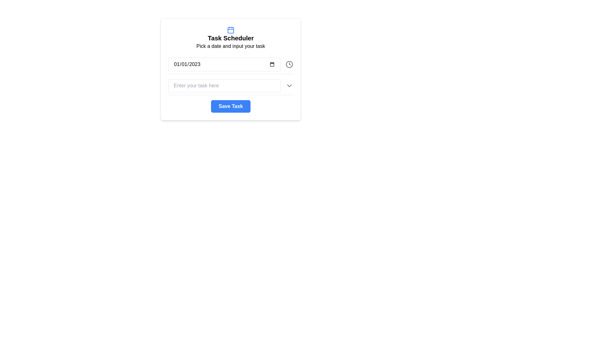 The height and width of the screenshot is (338, 602). Describe the element at coordinates (230, 30) in the screenshot. I see `the rectangular calendar icon element located at the top portion of the modal dialog box, just above the 'Task Scheduler' label` at that location.